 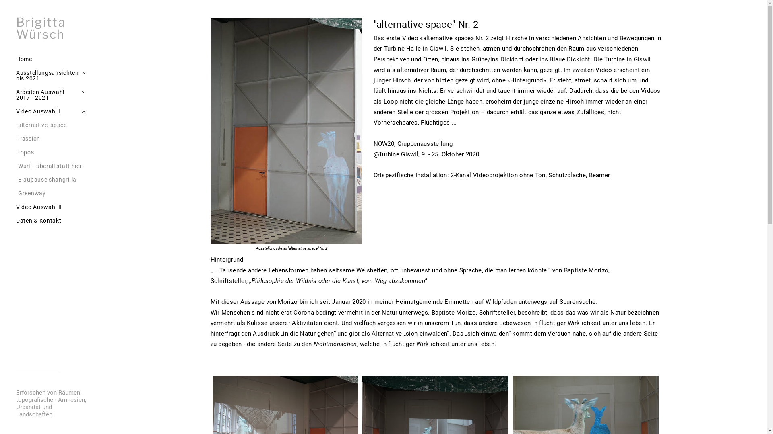 I want to click on 'topos', so click(x=53, y=152).